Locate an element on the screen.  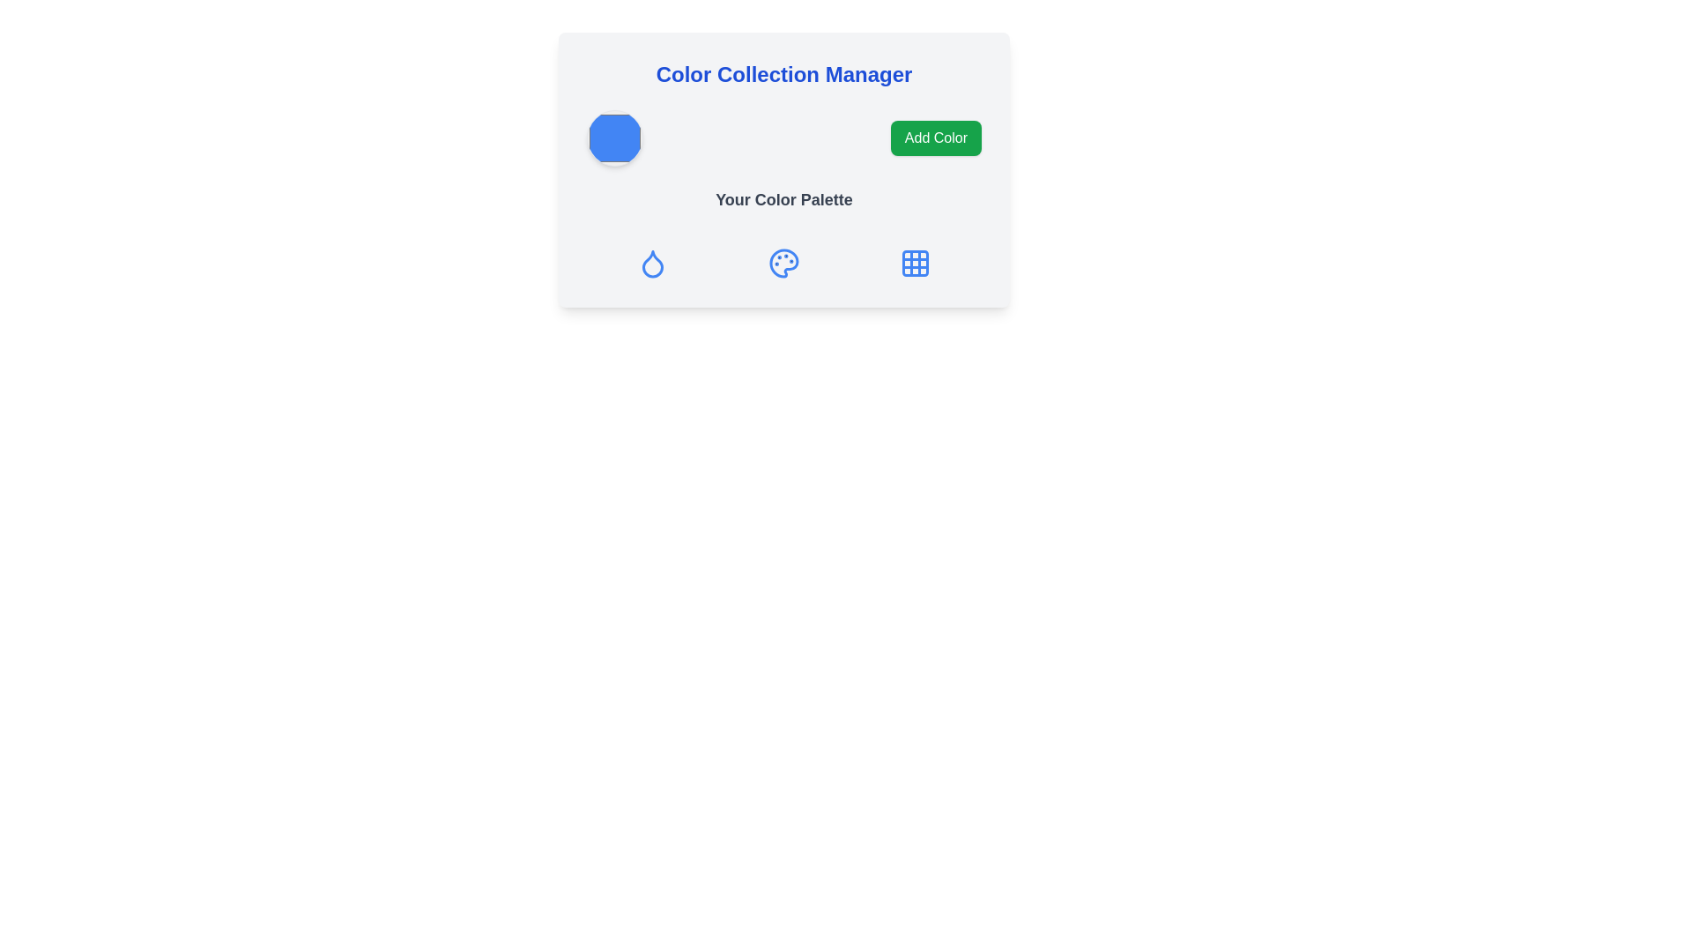
the middle icon button representing a painter's palette within the 'Color Collection Manager' is located at coordinates (783, 264).